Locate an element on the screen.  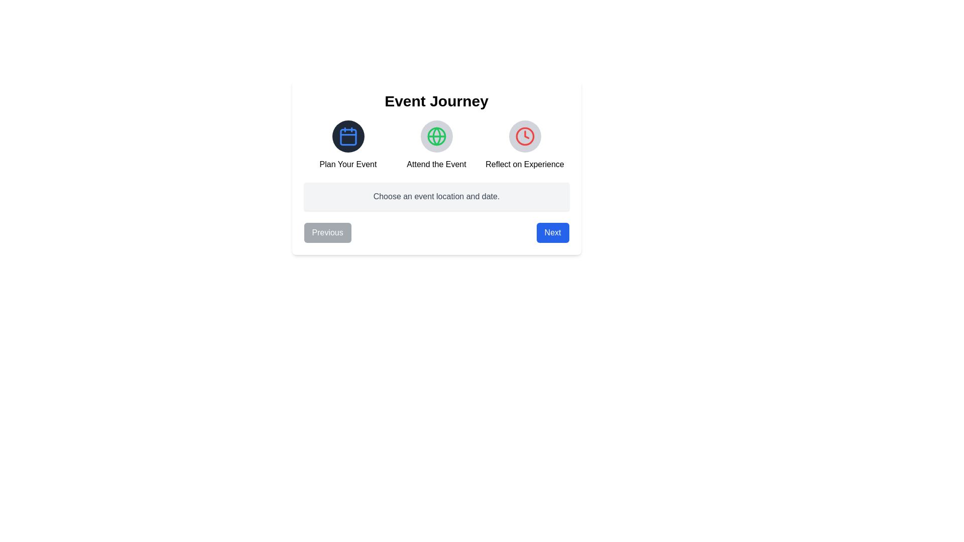
the icon corresponding to Attend the Event to view additional information is located at coordinates (436, 137).